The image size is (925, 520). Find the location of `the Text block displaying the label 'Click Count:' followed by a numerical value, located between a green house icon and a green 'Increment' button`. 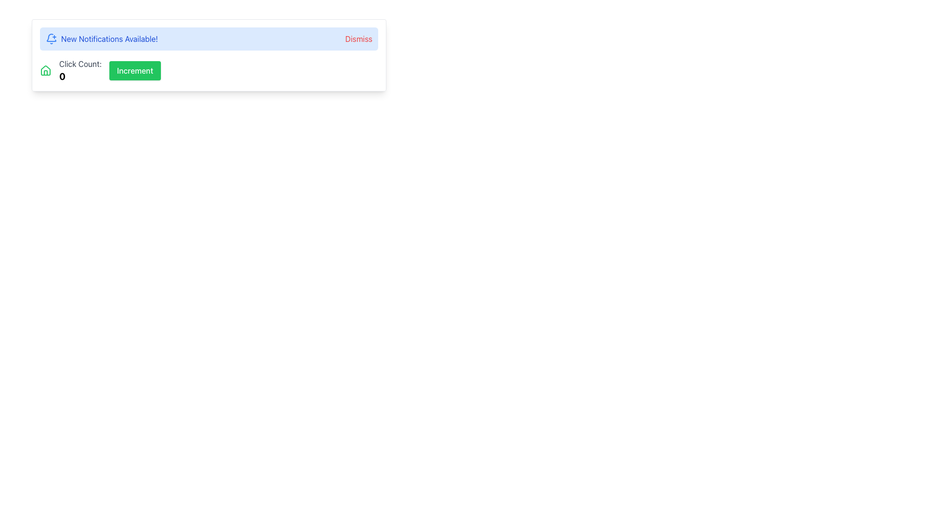

the Text block displaying the label 'Click Count:' followed by a numerical value, located between a green house icon and a green 'Increment' button is located at coordinates (80, 70).